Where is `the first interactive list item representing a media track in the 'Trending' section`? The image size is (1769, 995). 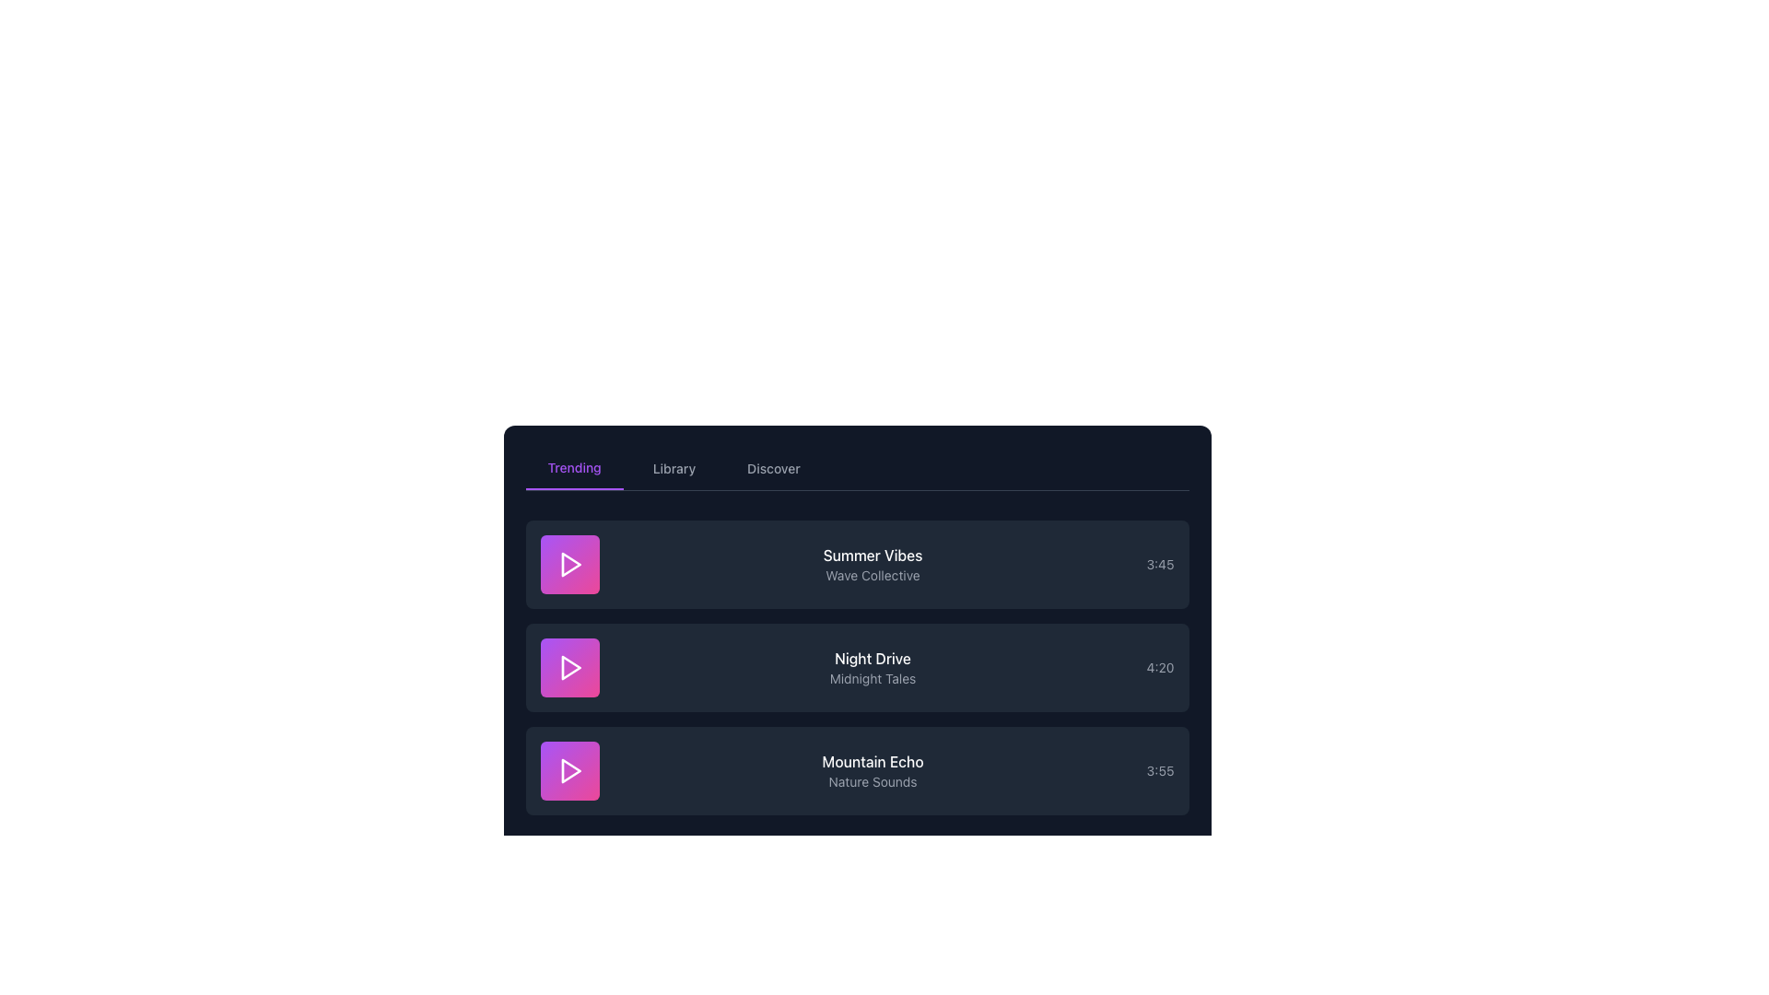 the first interactive list item representing a media track in the 'Trending' section is located at coordinates (856, 564).